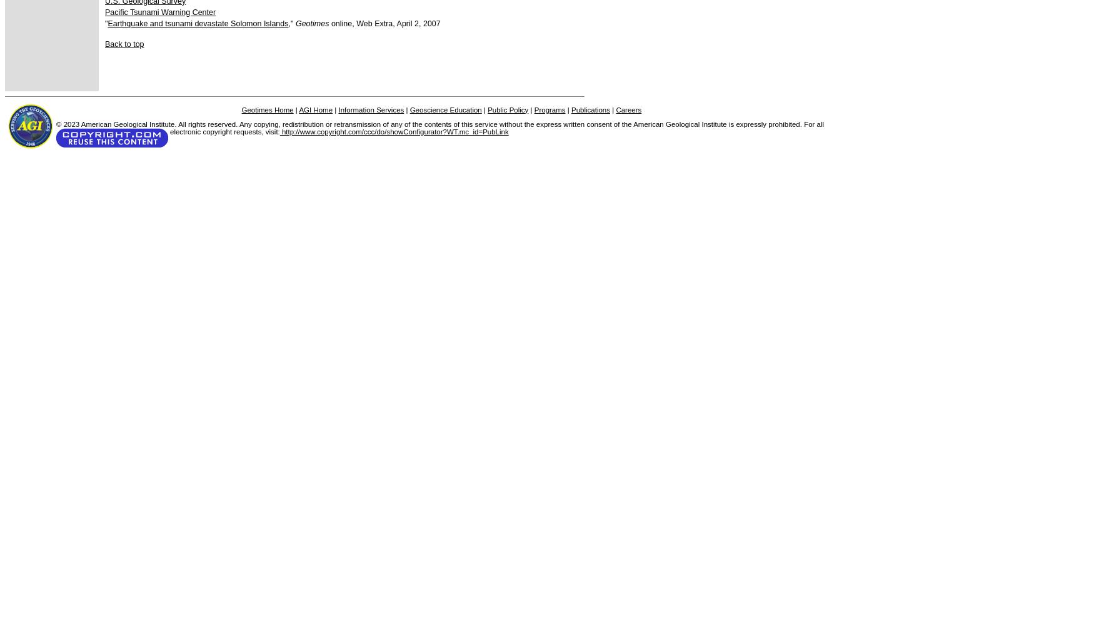 This screenshot has width=1094, height=625. I want to click on 'Programs', so click(549, 109).